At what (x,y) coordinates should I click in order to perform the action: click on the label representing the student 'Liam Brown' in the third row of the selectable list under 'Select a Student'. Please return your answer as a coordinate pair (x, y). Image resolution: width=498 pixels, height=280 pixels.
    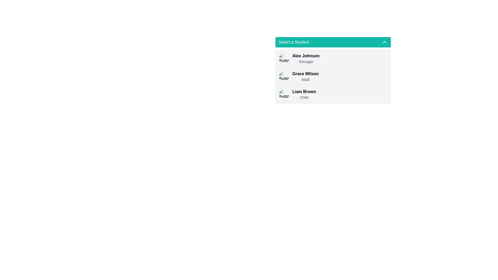
    Looking at the image, I should click on (304, 94).